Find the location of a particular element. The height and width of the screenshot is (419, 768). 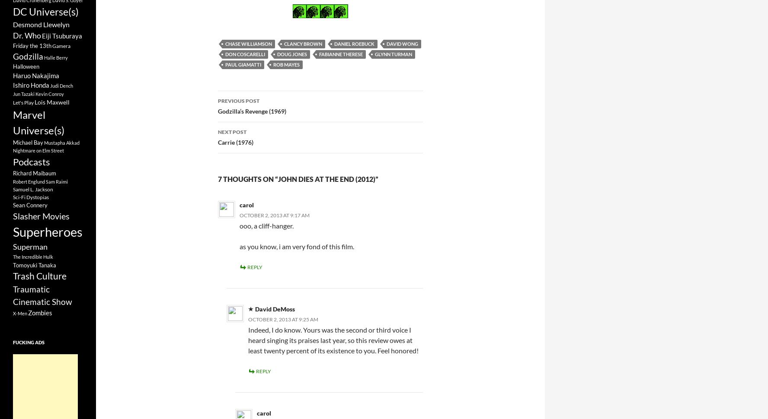

'Robert Englund' is located at coordinates (28, 181).